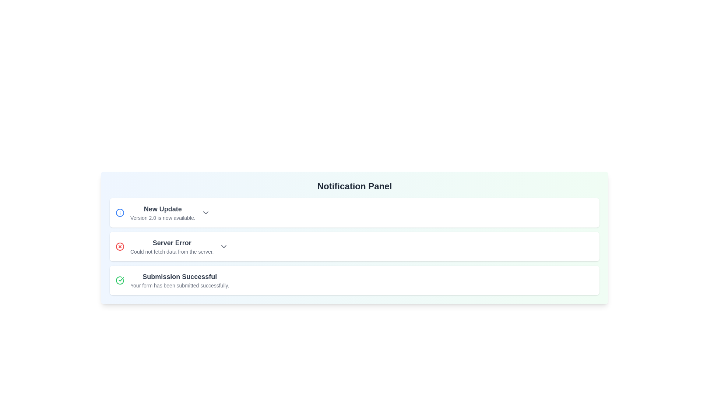 The width and height of the screenshot is (707, 397). I want to click on the error indicator icon located in the second row of the notification list, which signals a problem associated with the 'Server Error' title, so click(120, 247).